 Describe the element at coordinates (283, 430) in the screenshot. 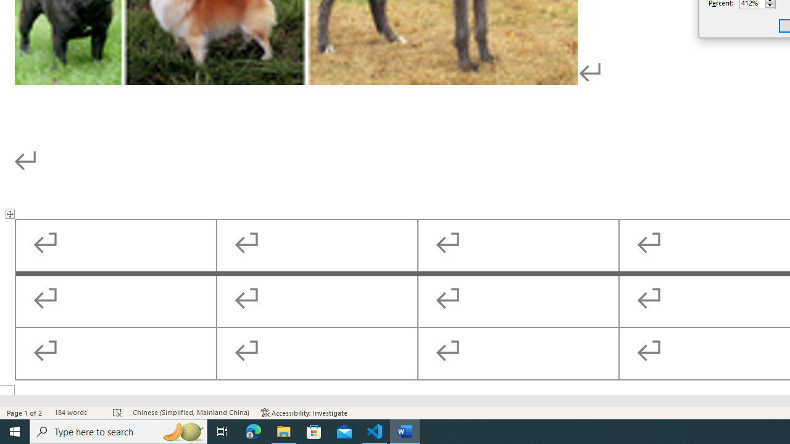

I see `'File Explorer - 1 running window'` at that location.